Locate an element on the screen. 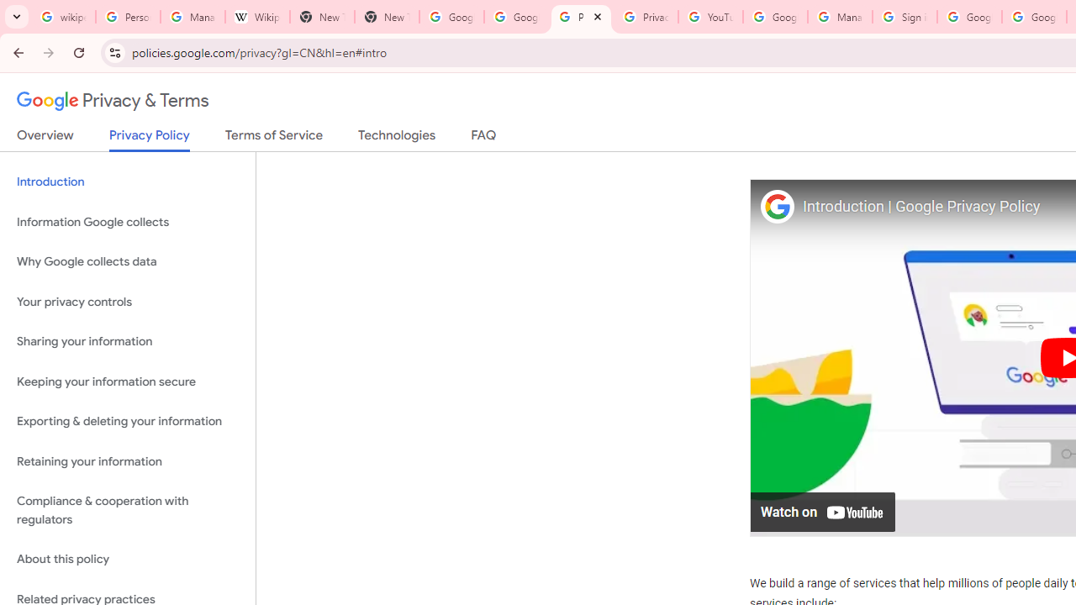 The width and height of the screenshot is (1076, 605). 'Wikipedia:Edit requests - Wikipedia' is located at coordinates (256, 17).